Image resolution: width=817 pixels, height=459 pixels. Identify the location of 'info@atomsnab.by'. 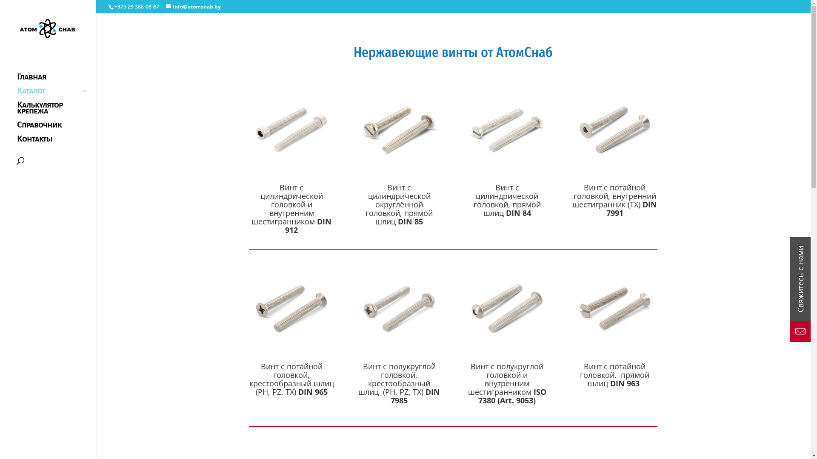
(166, 6).